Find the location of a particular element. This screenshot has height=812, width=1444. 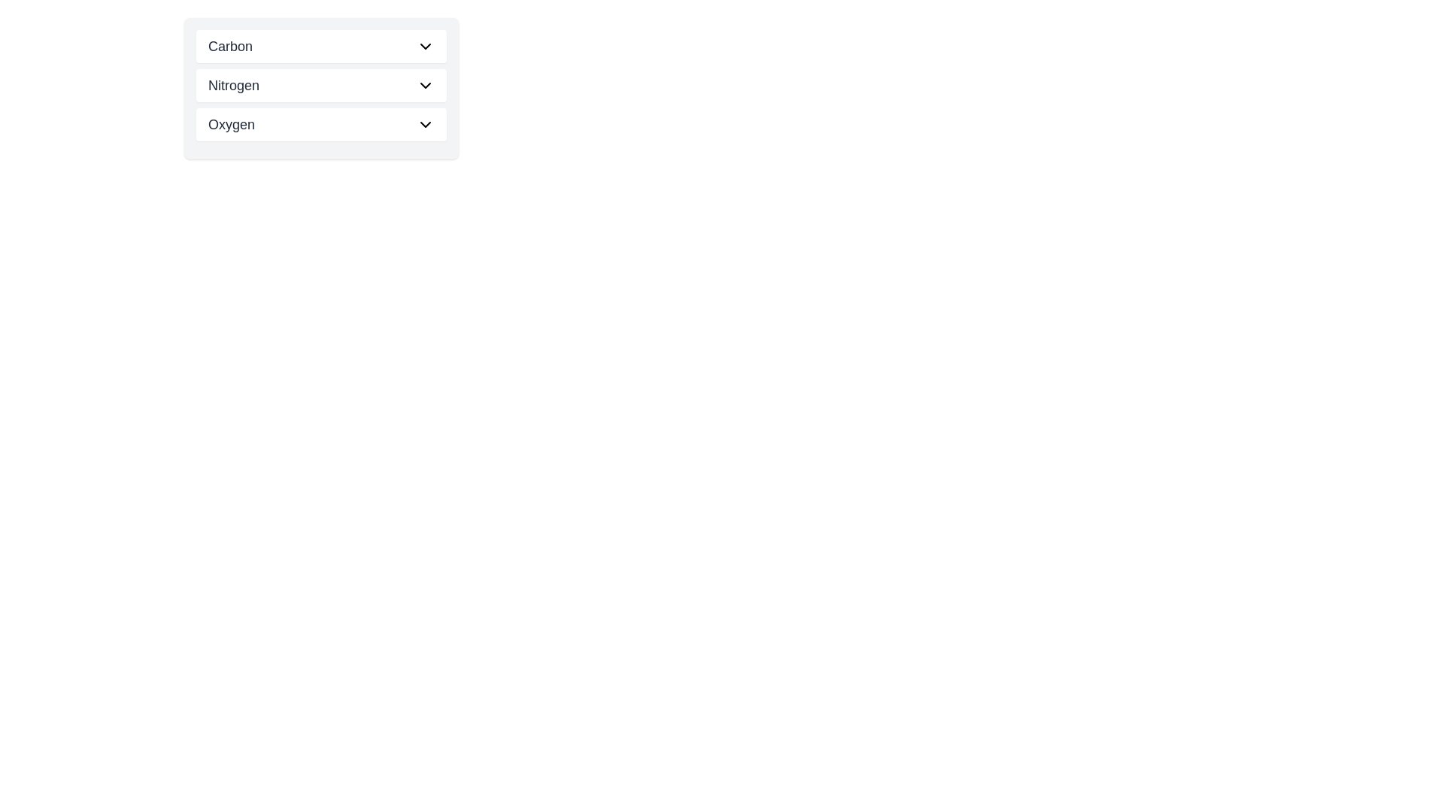

the downward-facing chevron icon next to the label 'Nitrogen' is located at coordinates (425, 86).